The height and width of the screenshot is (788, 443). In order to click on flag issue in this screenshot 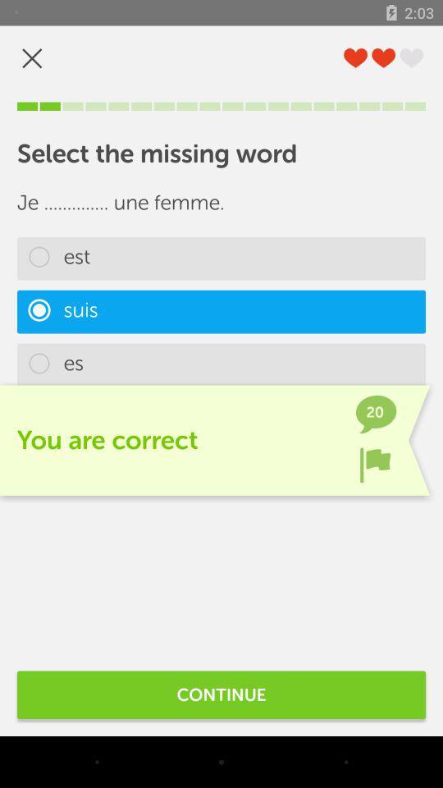, I will do `click(375, 465)`.